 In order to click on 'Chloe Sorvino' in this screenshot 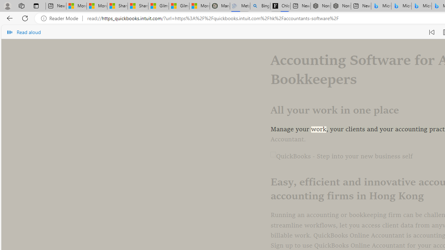, I will do `click(280, 6)`.